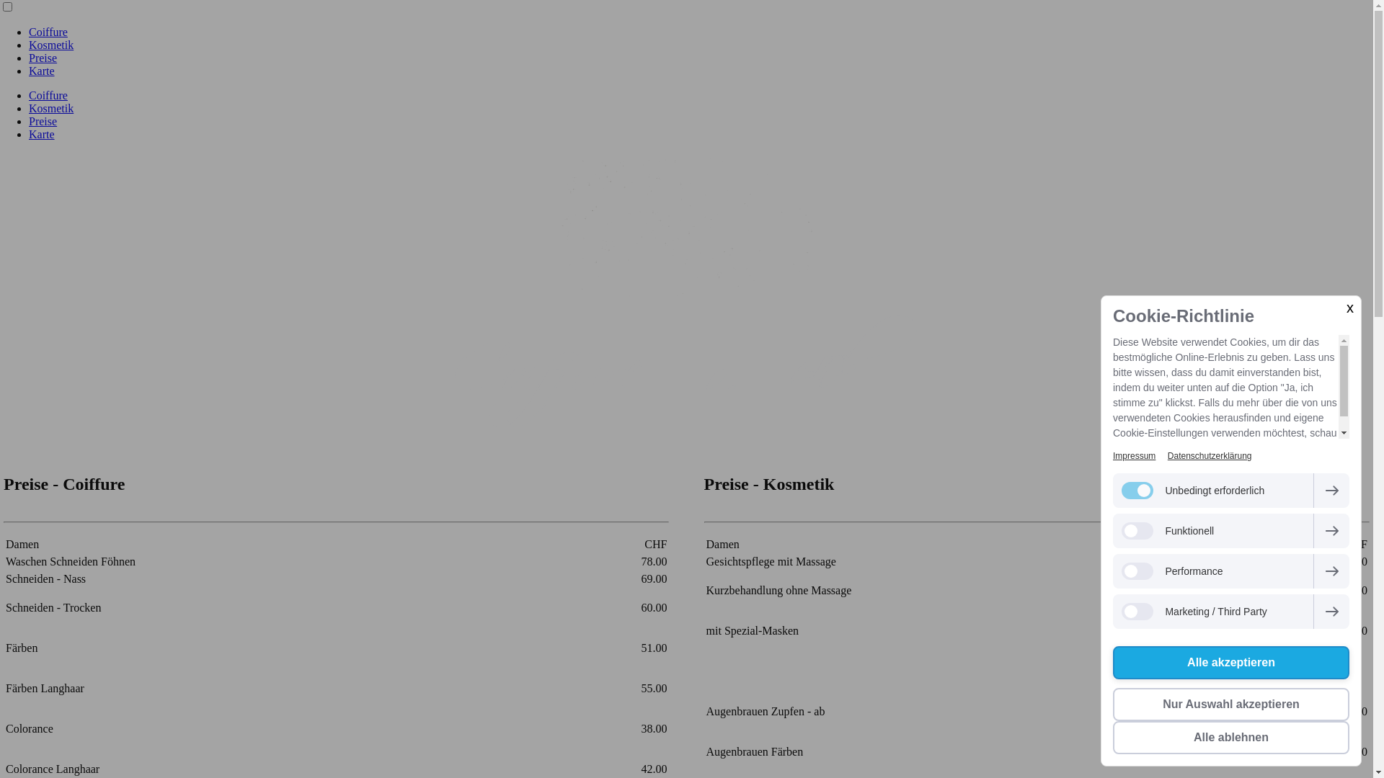 This screenshot has height=778, width=1384. I want to click on 'Kosmetik', so click(51, 44).